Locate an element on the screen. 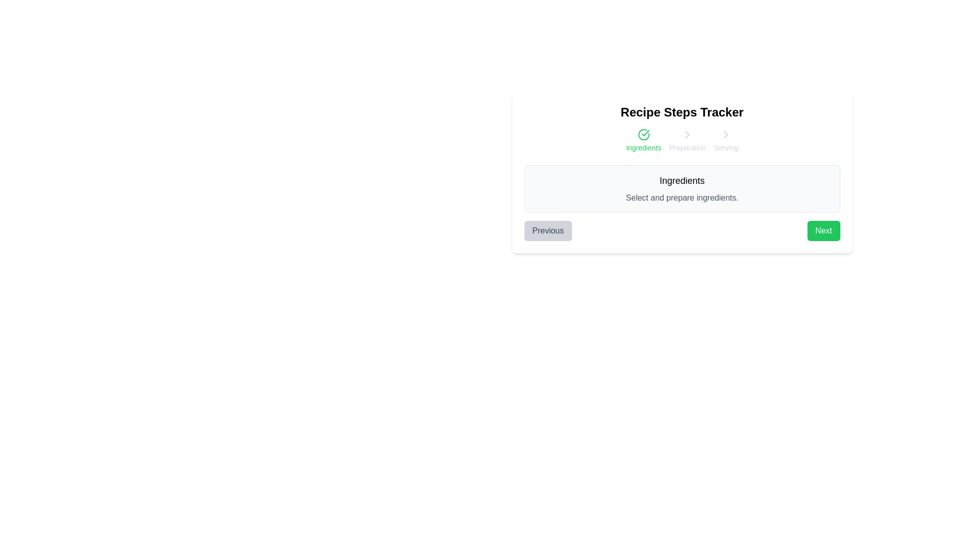  the static text header located at the top of the card layout, which serves as a title providing context to the user is located at coordinates (682, 112).